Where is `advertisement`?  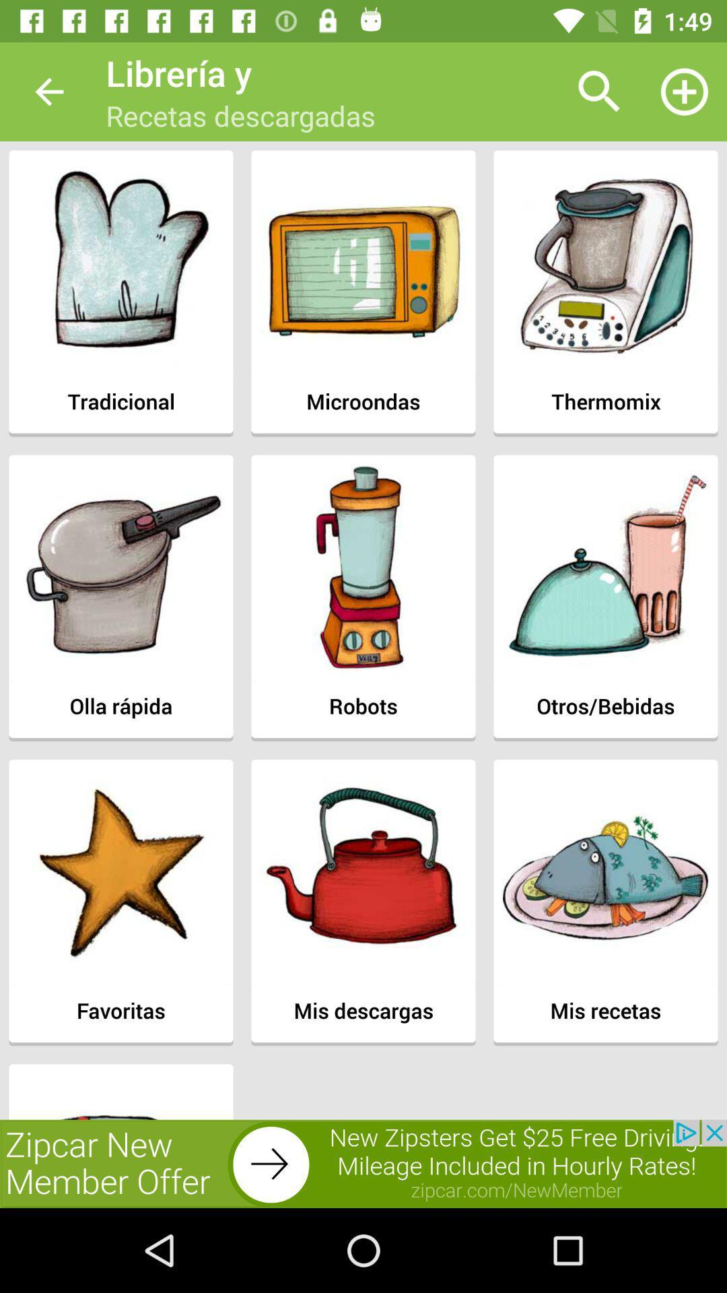
advertisement is located at coordinates (363, 1163).